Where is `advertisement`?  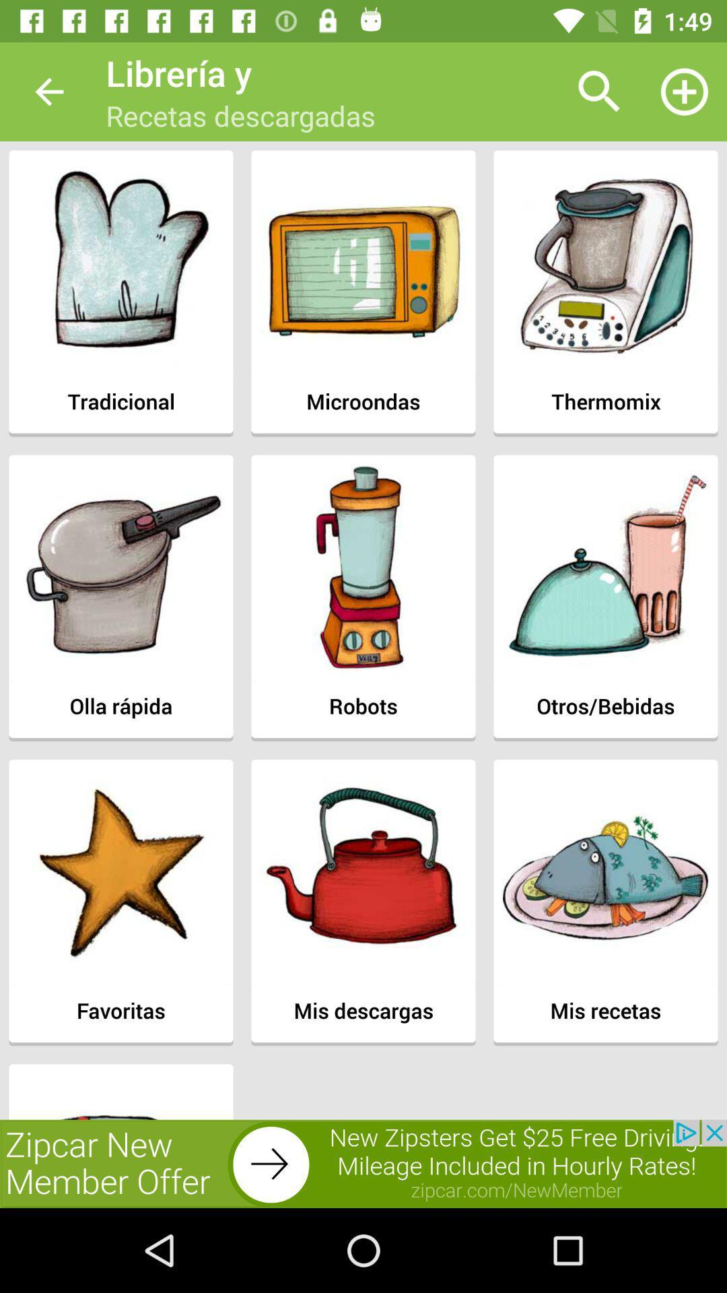
advertisement is located at coordinates (363, 1163).